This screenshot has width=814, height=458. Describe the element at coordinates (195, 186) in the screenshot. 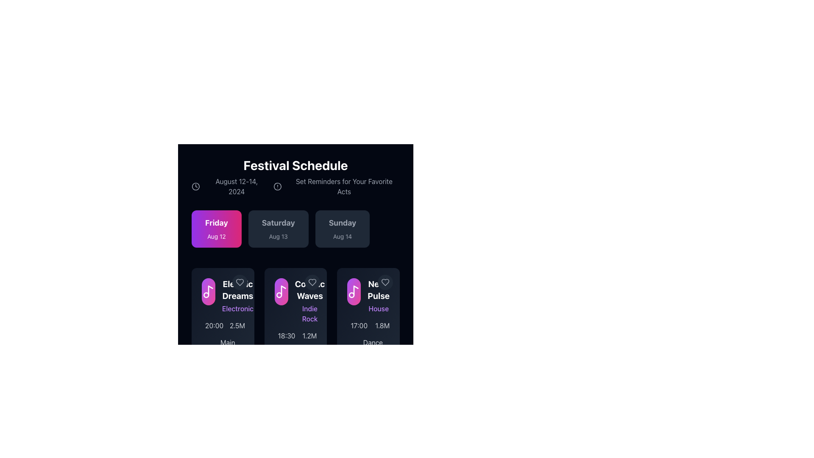

I see `the clock icon located to the left of the text 'August 12-14, 2024'` at that location.